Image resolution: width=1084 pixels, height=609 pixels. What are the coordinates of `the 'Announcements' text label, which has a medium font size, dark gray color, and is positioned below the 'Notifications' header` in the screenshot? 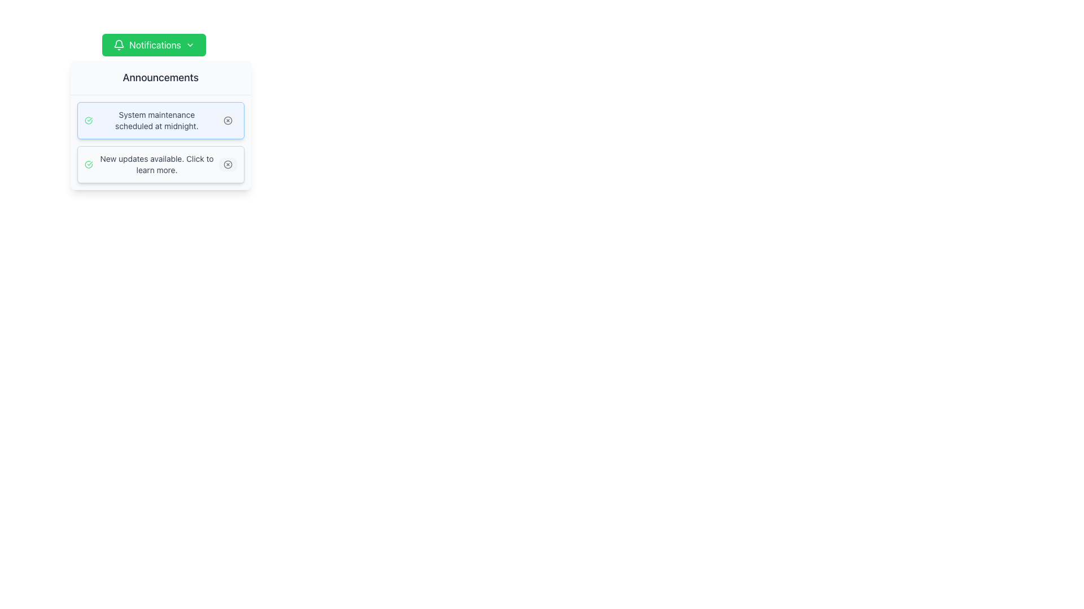 It's located at (160, 77).